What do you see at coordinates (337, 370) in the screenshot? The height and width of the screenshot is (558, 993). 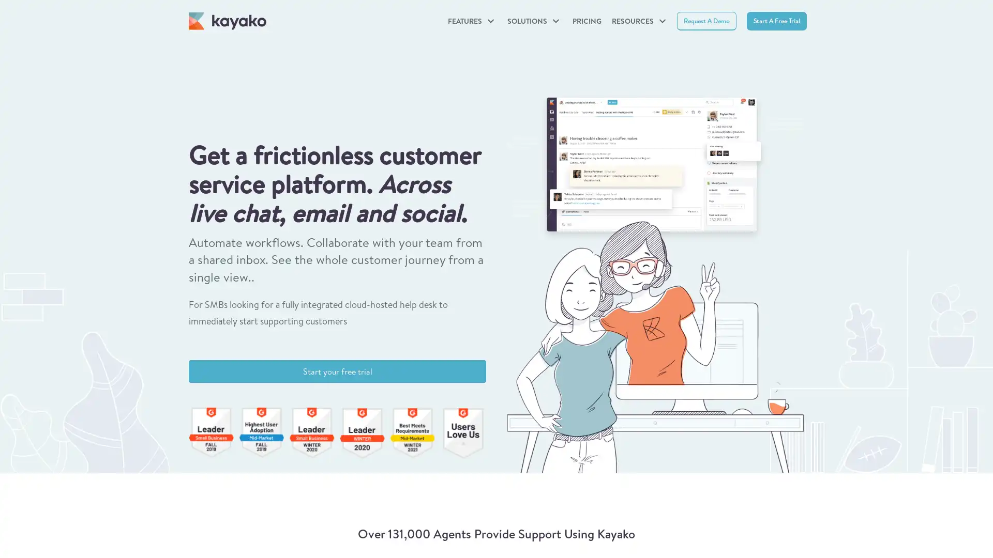 I see `Start your free trial` at bounding box center [337, 370].